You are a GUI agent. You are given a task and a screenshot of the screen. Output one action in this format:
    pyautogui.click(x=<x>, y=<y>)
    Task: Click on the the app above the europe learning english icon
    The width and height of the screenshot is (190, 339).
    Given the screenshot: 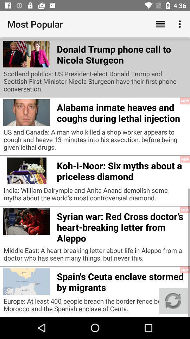 What is the action you would take?
    pyautogui.click(x=180, y=24)
    